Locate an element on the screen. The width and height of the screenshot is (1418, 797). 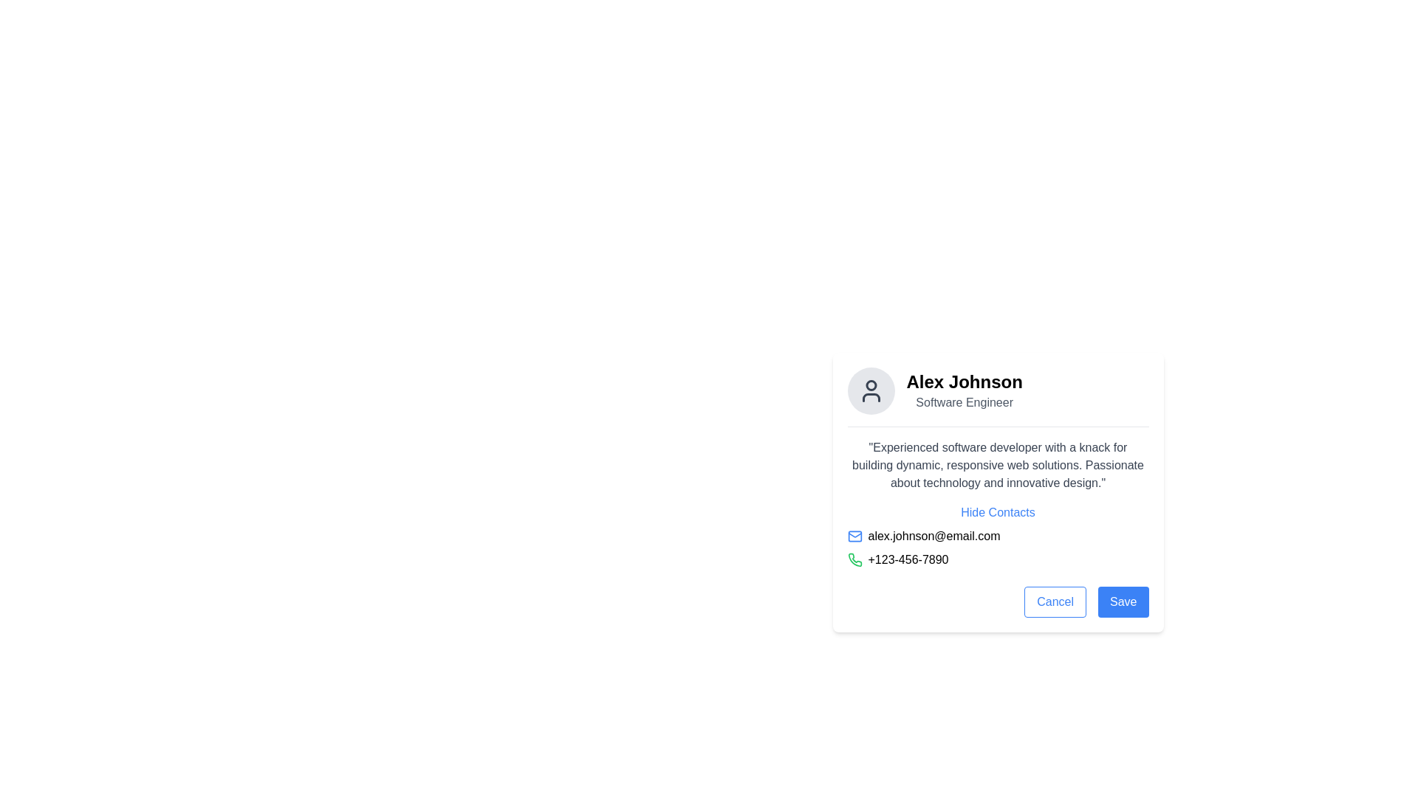
on the text display showing an email address, which is located is located at coordinates (934, 536).